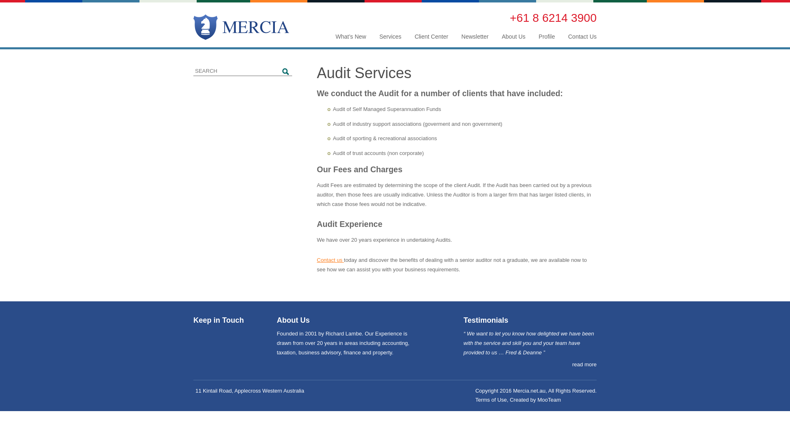  What do you see at coordinates (390, 36) in the screenshot?
I see `'Services'` at bounding box center [390, 36].